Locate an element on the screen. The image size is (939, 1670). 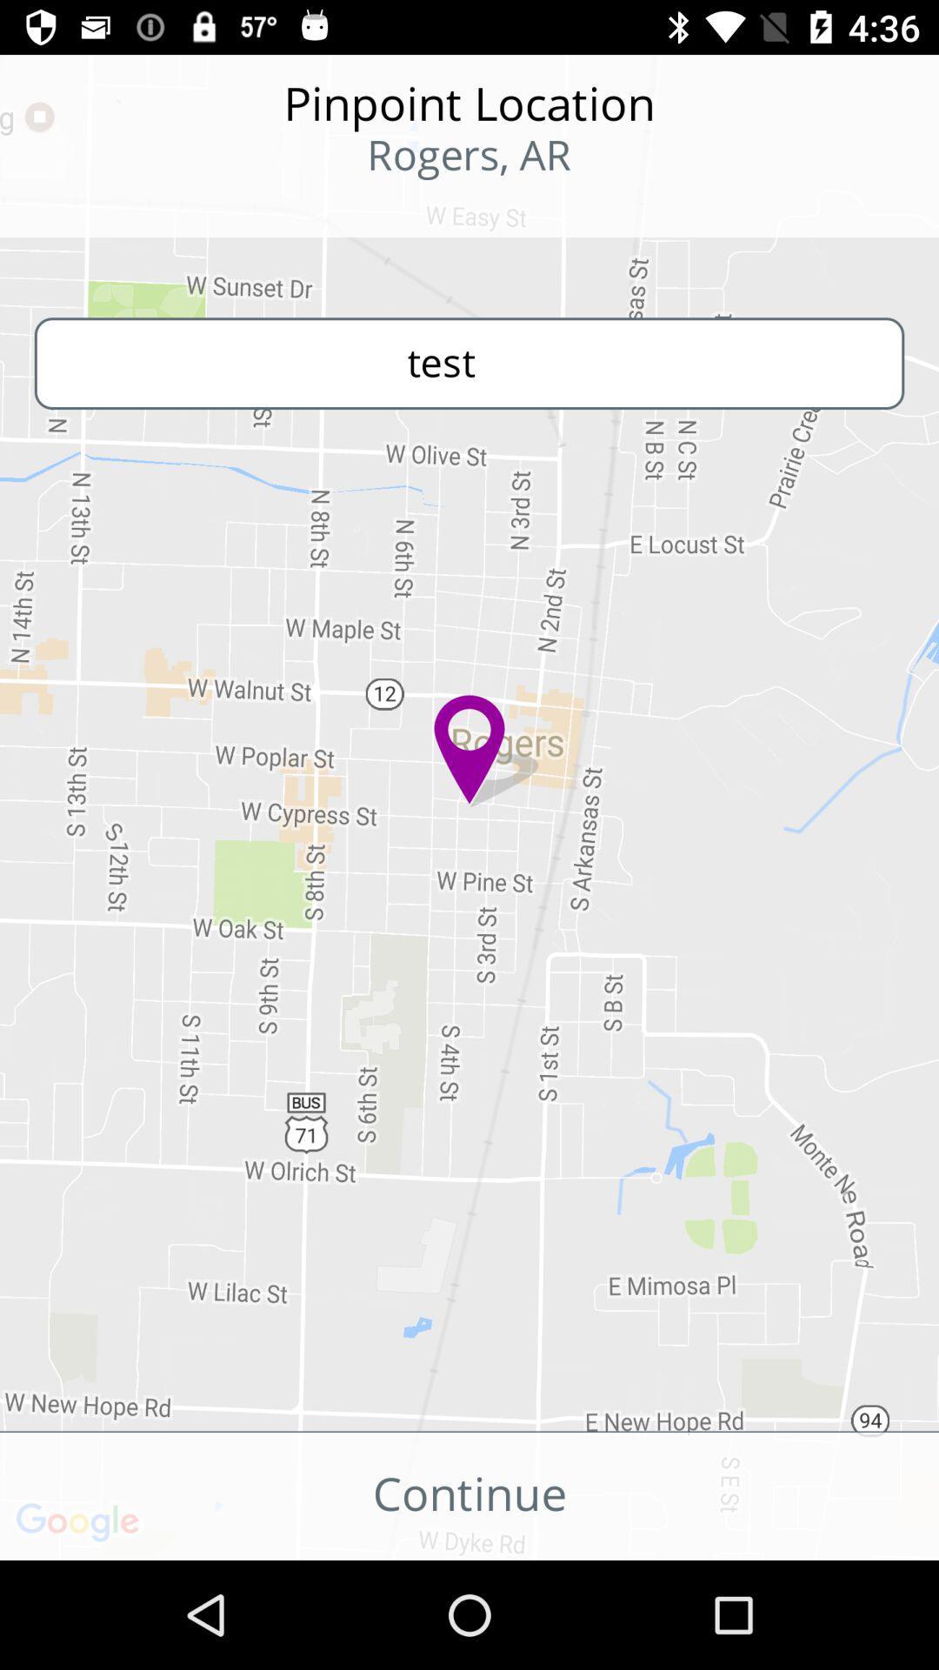
the icon to the left of the rogers, ar item is located at coordinates (114, 209).